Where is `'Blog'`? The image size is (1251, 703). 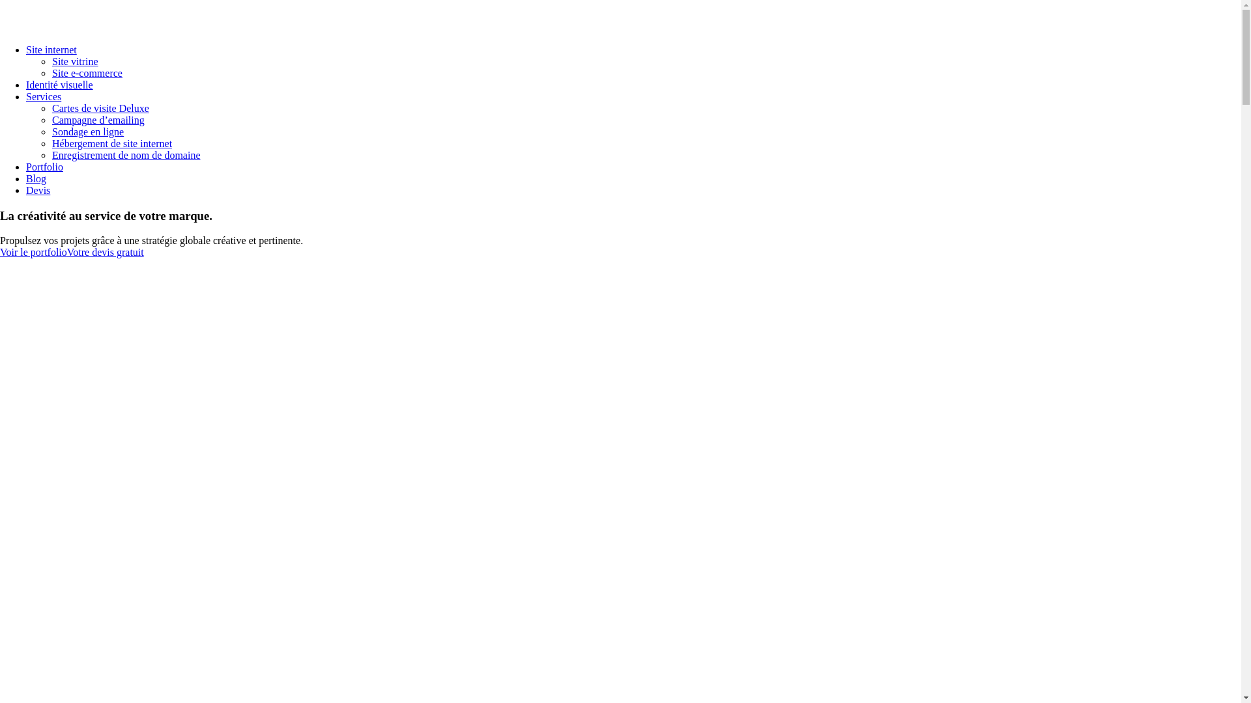
'Blog' is located at coordinates (36, 178).